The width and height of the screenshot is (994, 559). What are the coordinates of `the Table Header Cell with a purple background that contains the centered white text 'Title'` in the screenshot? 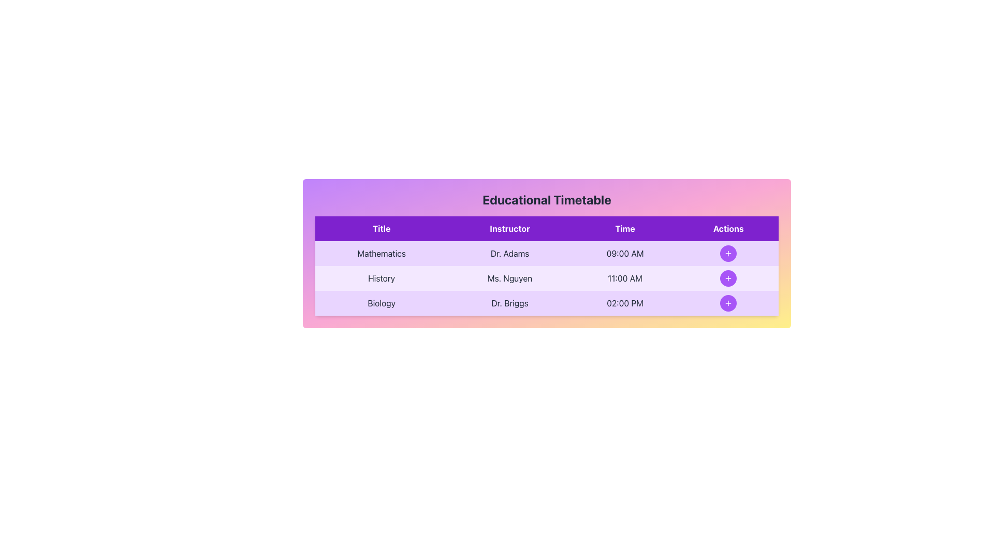 It's located at (381, 228).